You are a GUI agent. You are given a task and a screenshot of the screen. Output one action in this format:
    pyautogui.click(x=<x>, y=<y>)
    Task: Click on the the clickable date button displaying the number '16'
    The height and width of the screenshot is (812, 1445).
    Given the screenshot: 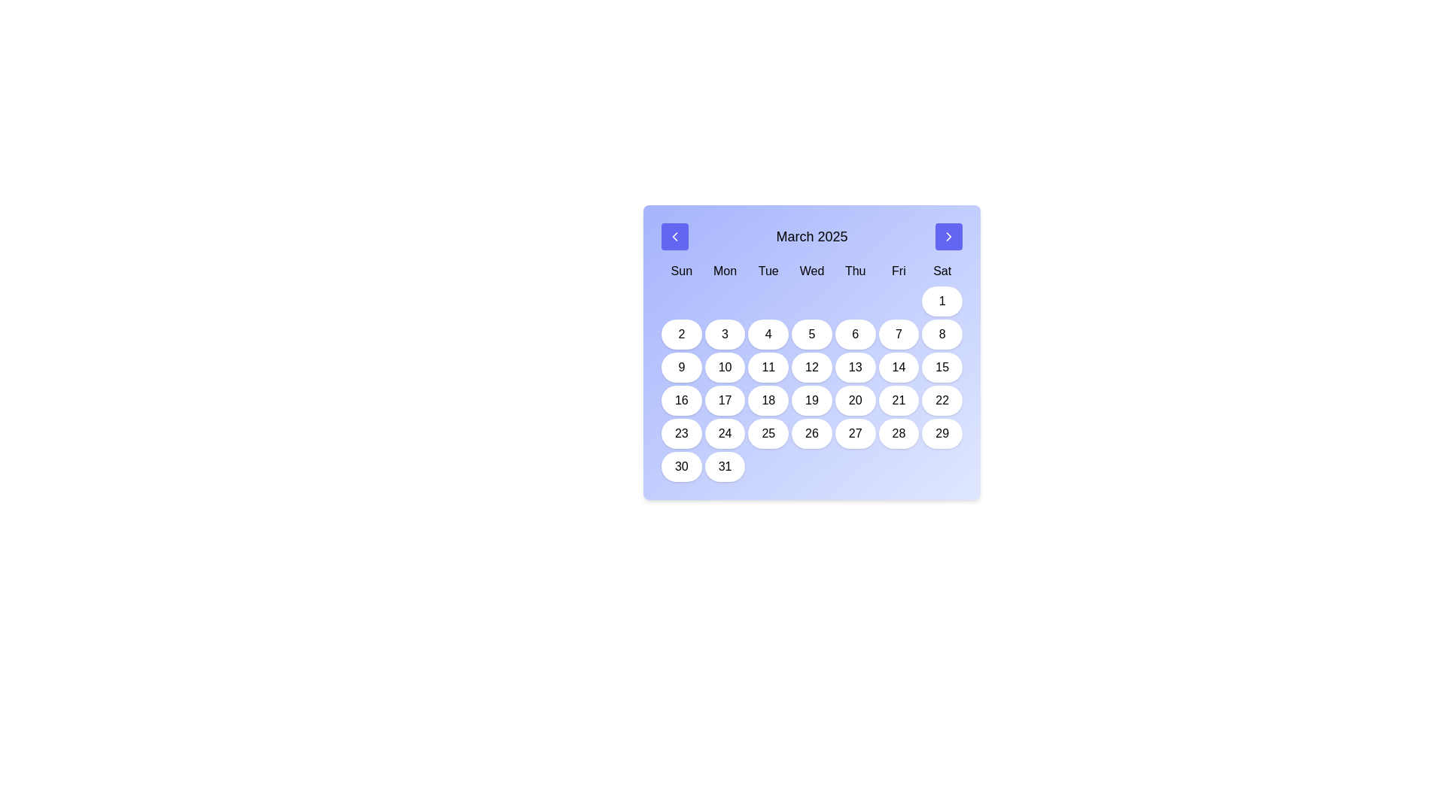 What is the action you would take?
    pyautogui.click(x=680, y=399)
    